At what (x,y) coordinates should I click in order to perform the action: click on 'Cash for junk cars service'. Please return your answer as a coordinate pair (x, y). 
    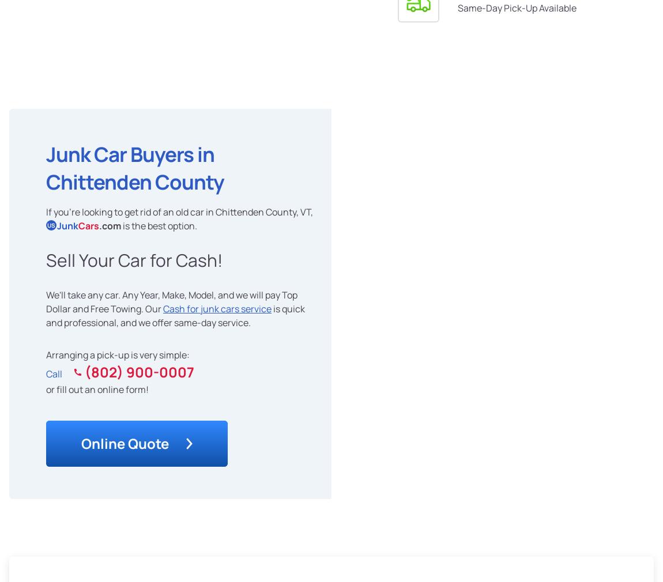
    Looking at the image, I should click on (217, 307).